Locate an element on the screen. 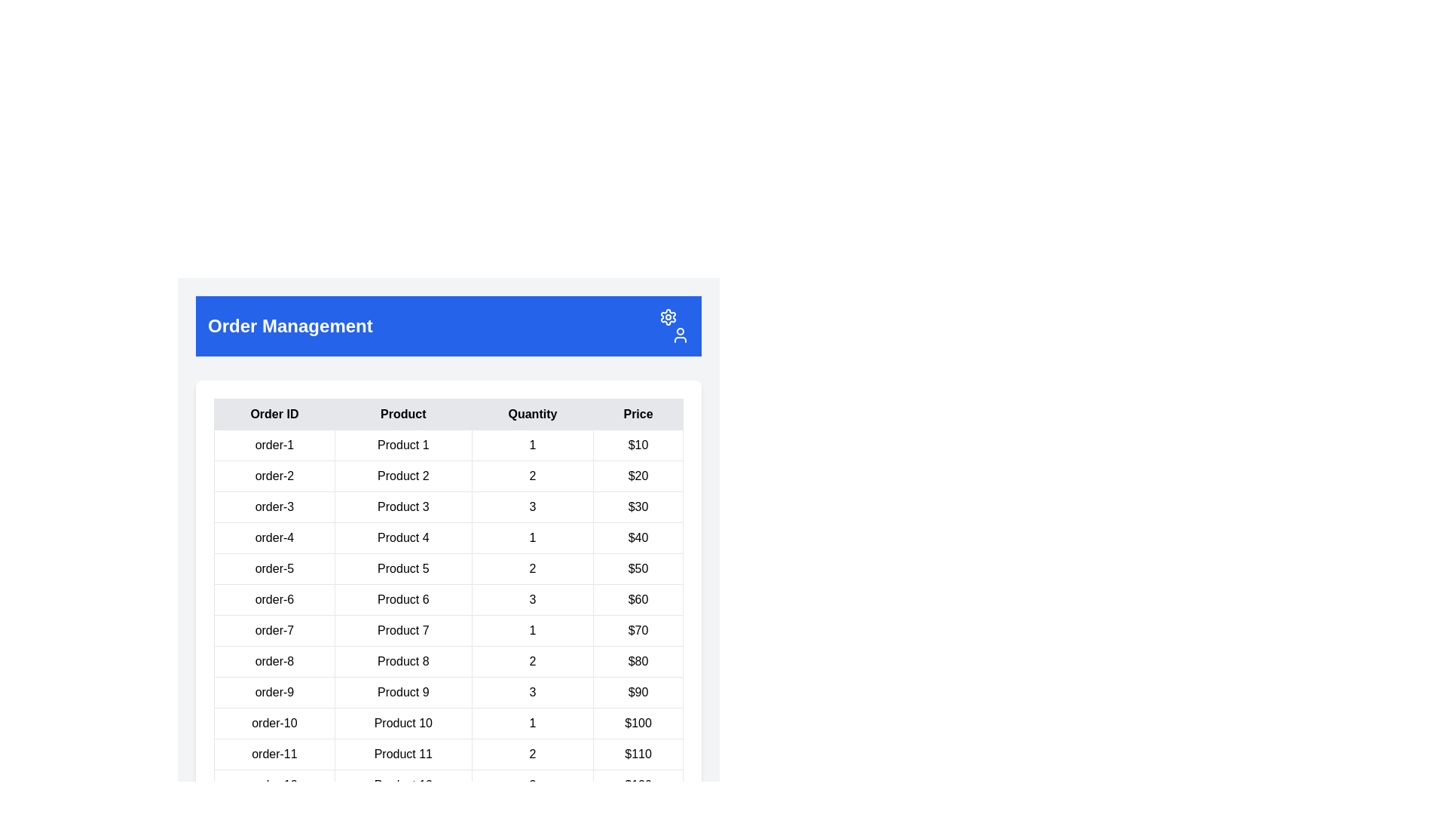 Image resolution: width=1447 pixels, height=814 pixels. the 'Product' column header cell in the table, which is the second column header positioned between 'Order ID' and 'Quantity' is located at coordinates (403, 415).